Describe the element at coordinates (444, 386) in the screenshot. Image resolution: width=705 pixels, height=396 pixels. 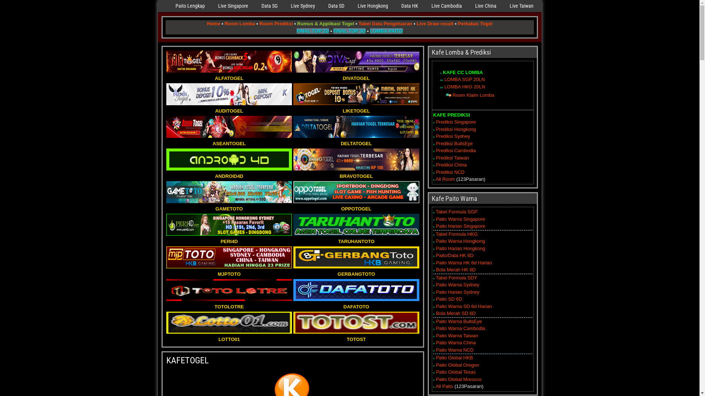
I see `'All Paito'` at that location.